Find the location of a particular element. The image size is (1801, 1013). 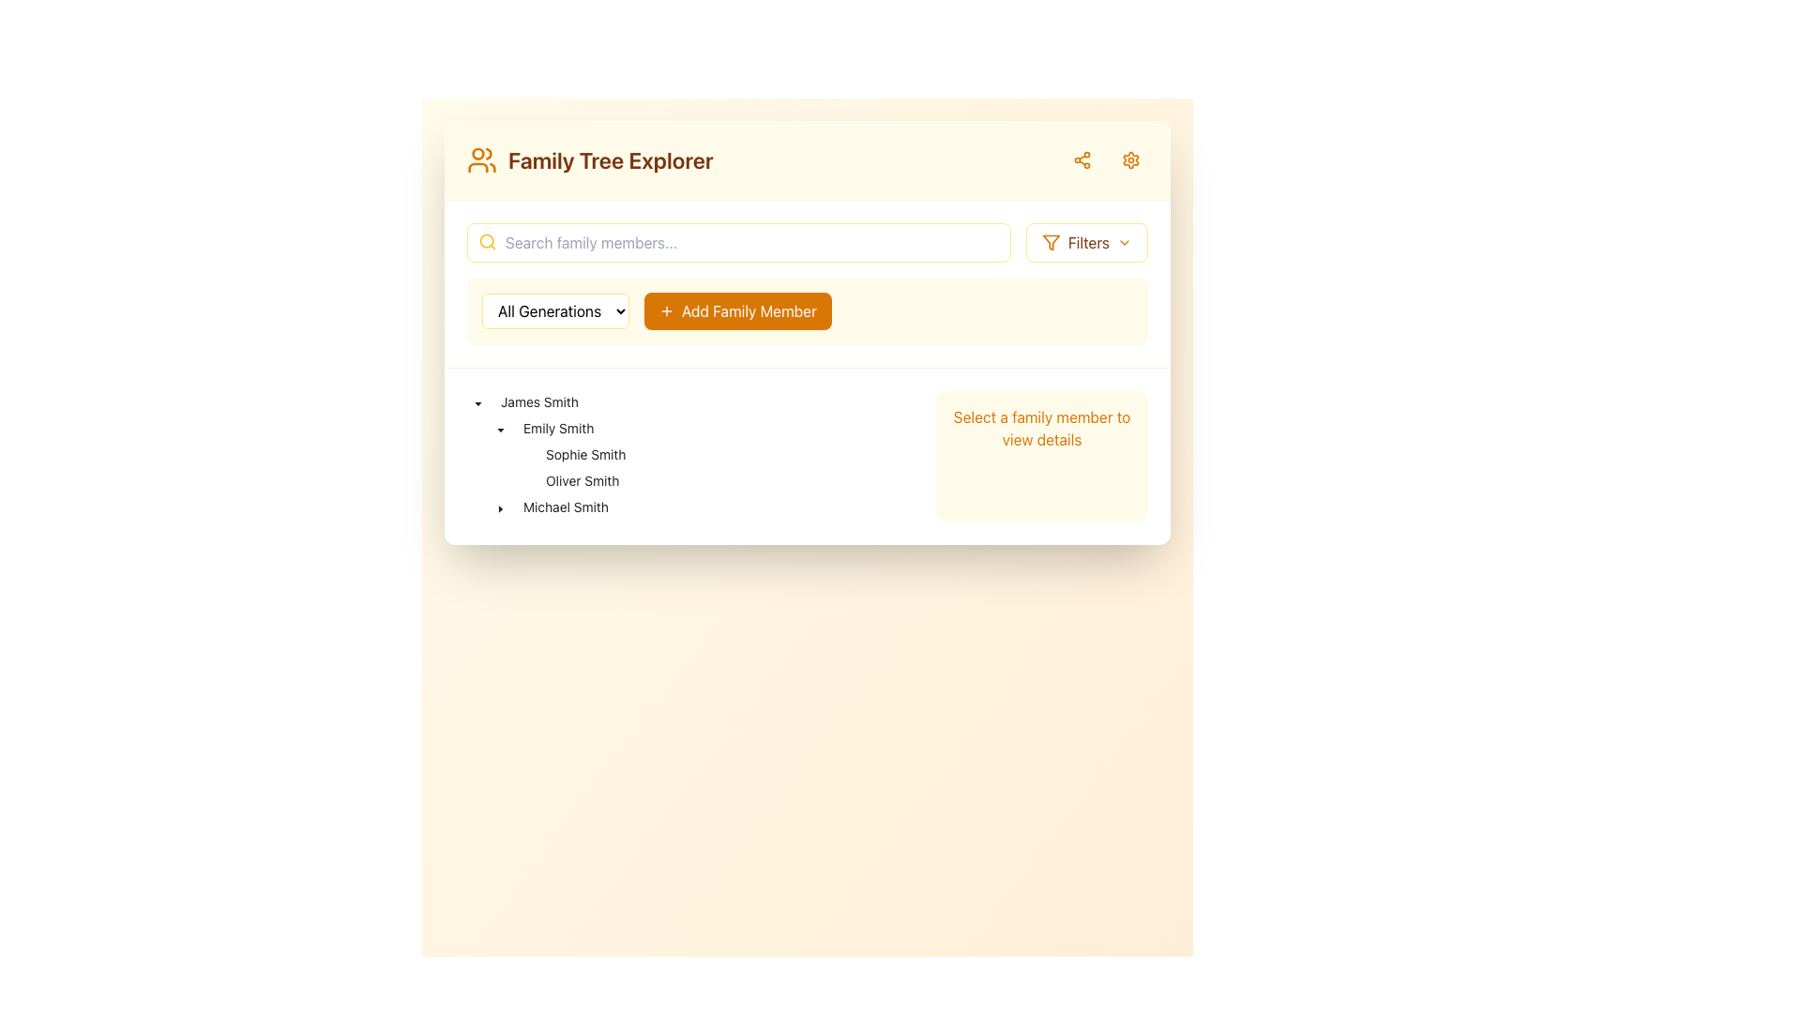

the instructional message text display located in a light yellow rectangular panel on the right side of the interface, which guides the user to select a family member from the adjacent list is located at coordinates (1040, 428).